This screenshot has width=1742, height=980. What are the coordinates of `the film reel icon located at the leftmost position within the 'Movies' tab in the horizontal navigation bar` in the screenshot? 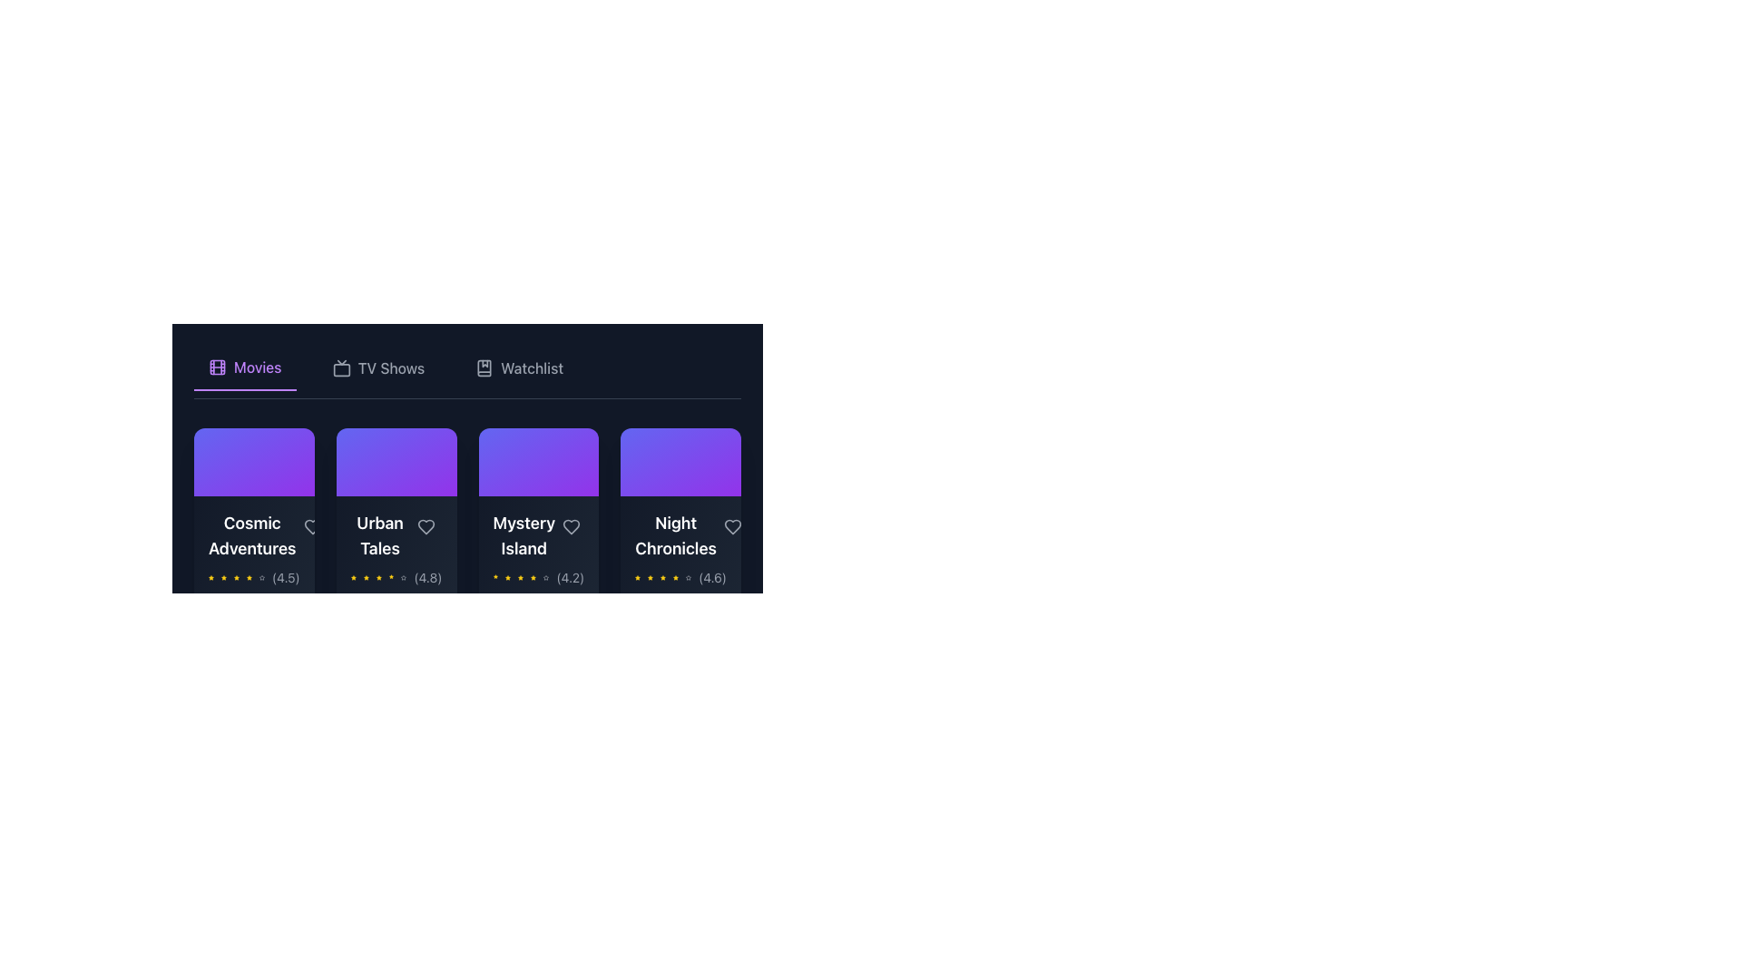 It's located at (218, 367).